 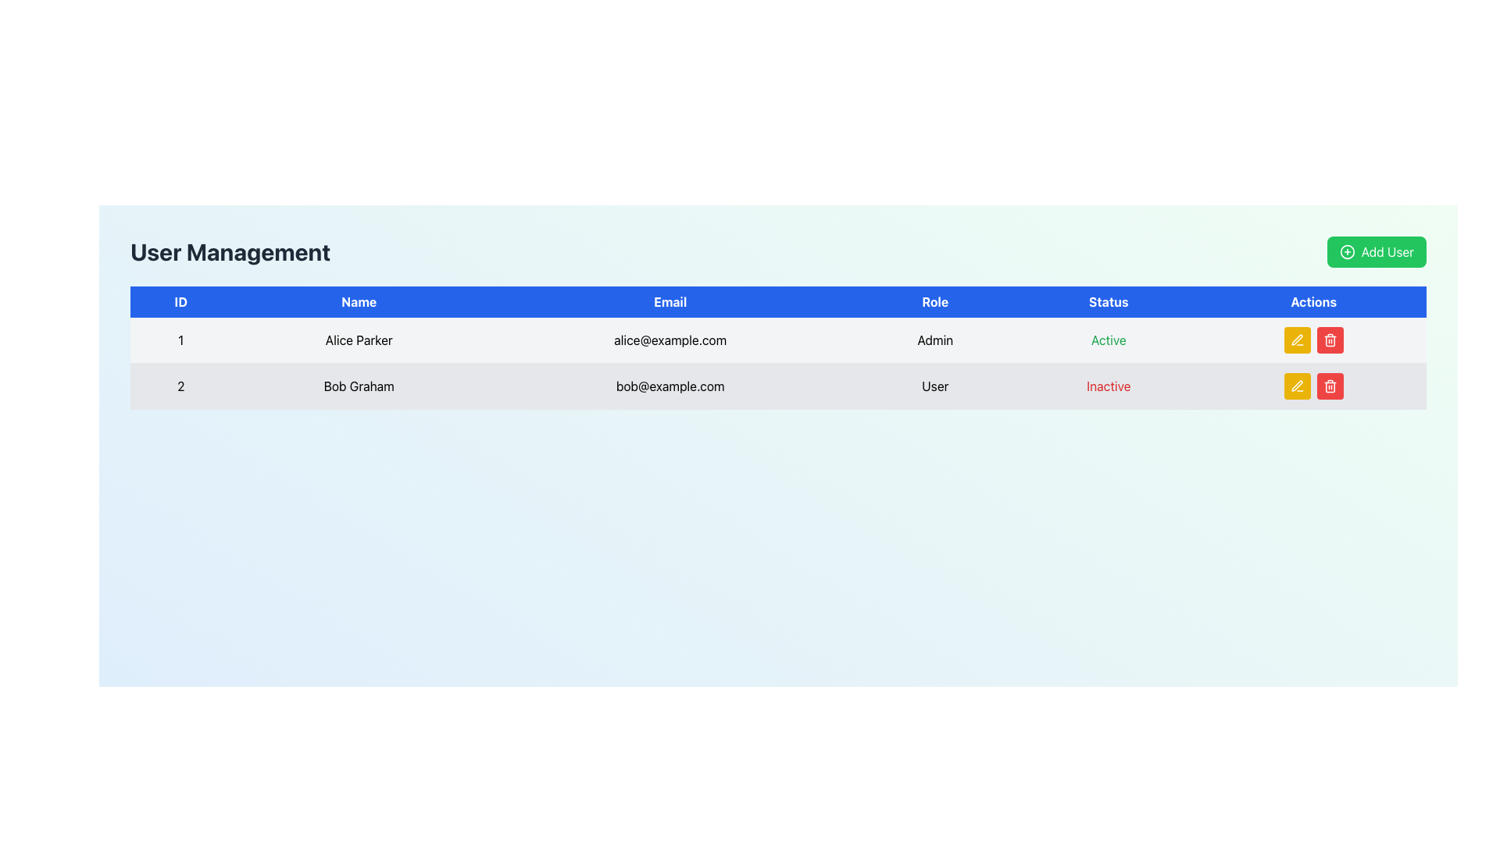 What do you see at coordinates (358, 386) in the screenshot?
I see `text label displaying 'Bob Graham' located in the second row of the table under the 'Name' column` at bounding box center [358, 386].